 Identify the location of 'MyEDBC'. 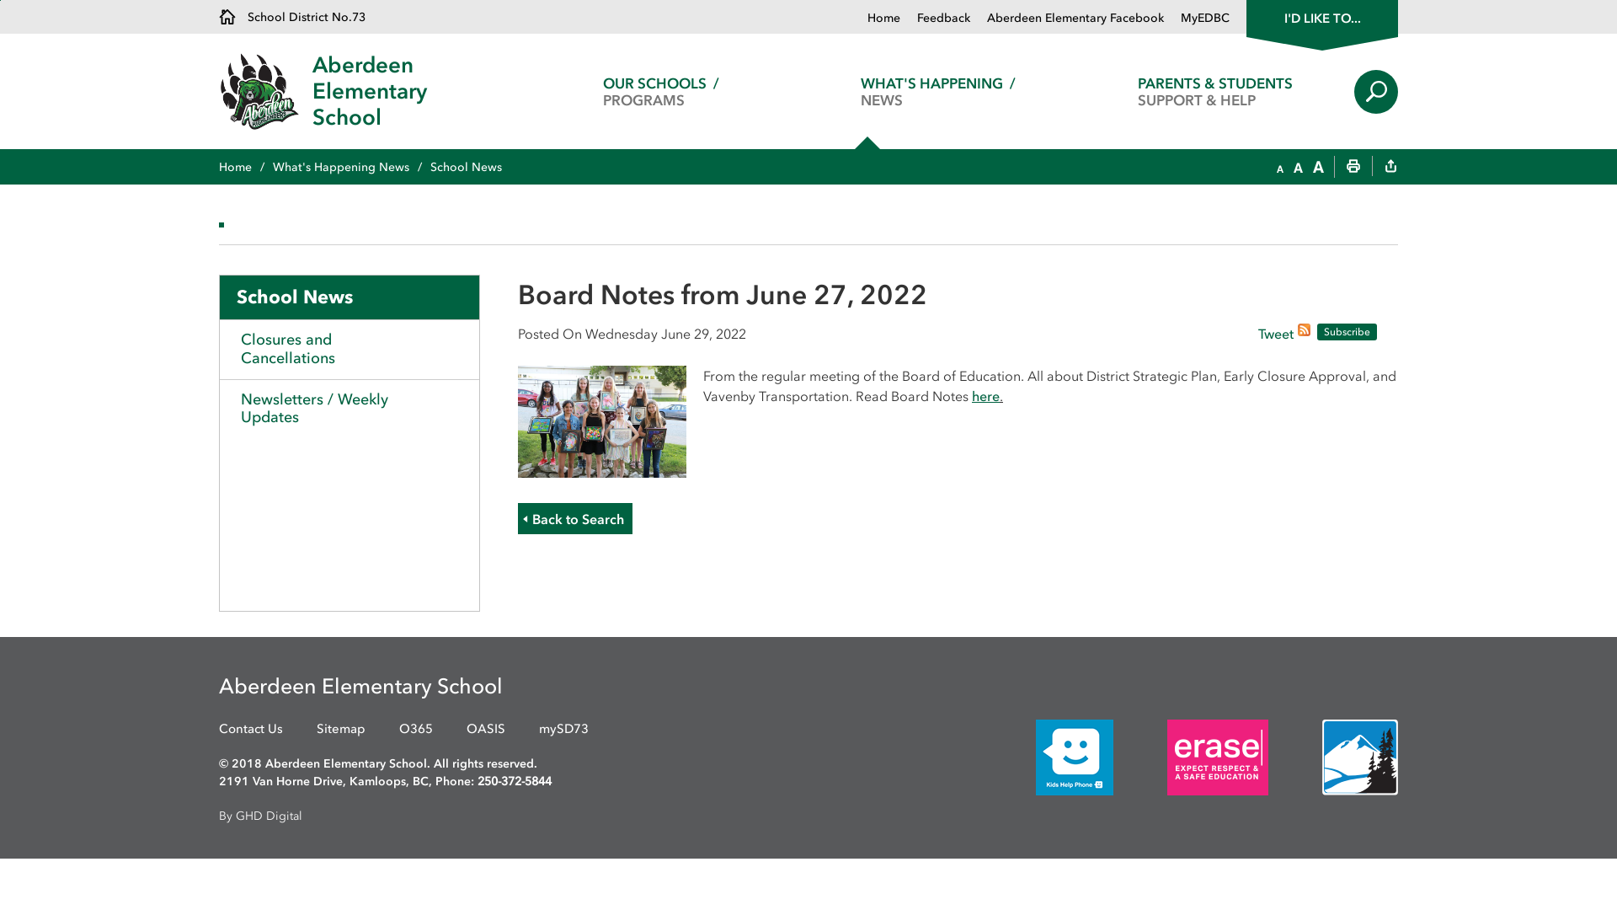
(1195, 18).